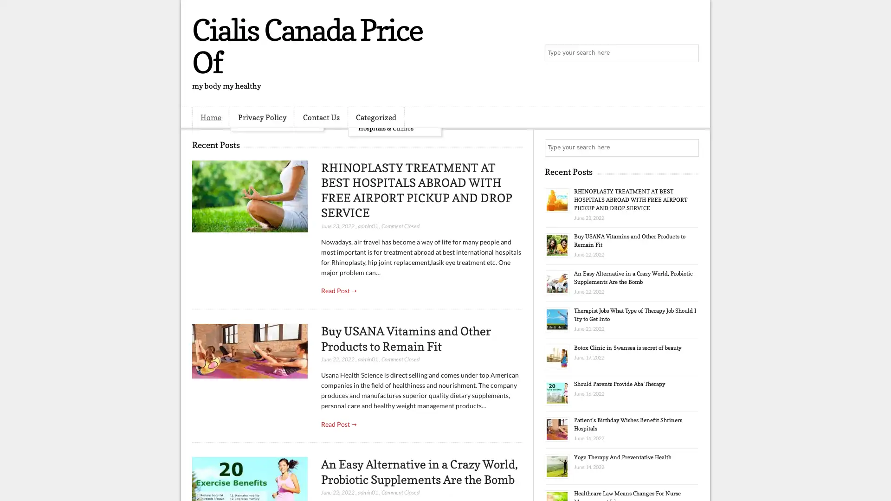 The width and height of the screenshot is (891, 501). Describe the element at coordinates (689, 53) in the screenshot. I see `Search` at that location.